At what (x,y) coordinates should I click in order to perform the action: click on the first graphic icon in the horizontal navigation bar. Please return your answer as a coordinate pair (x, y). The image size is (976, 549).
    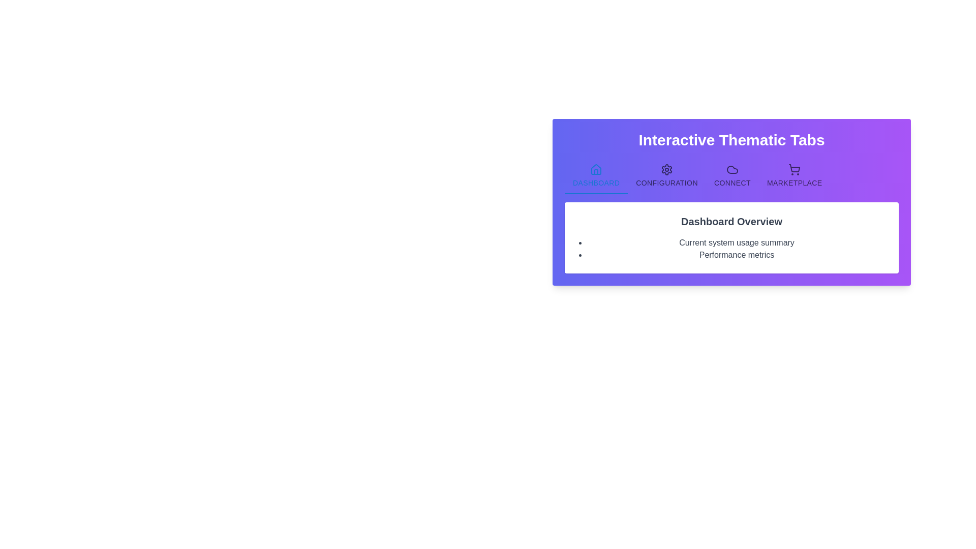
    Looking at the image, I should click on (732, 169).